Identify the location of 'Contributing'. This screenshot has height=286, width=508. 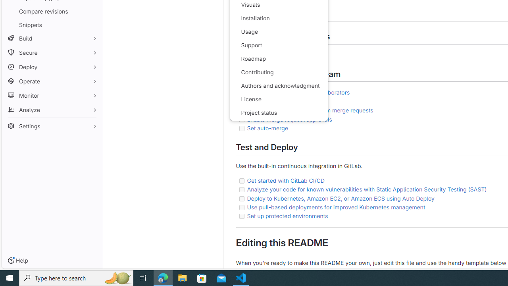
(279, 72).